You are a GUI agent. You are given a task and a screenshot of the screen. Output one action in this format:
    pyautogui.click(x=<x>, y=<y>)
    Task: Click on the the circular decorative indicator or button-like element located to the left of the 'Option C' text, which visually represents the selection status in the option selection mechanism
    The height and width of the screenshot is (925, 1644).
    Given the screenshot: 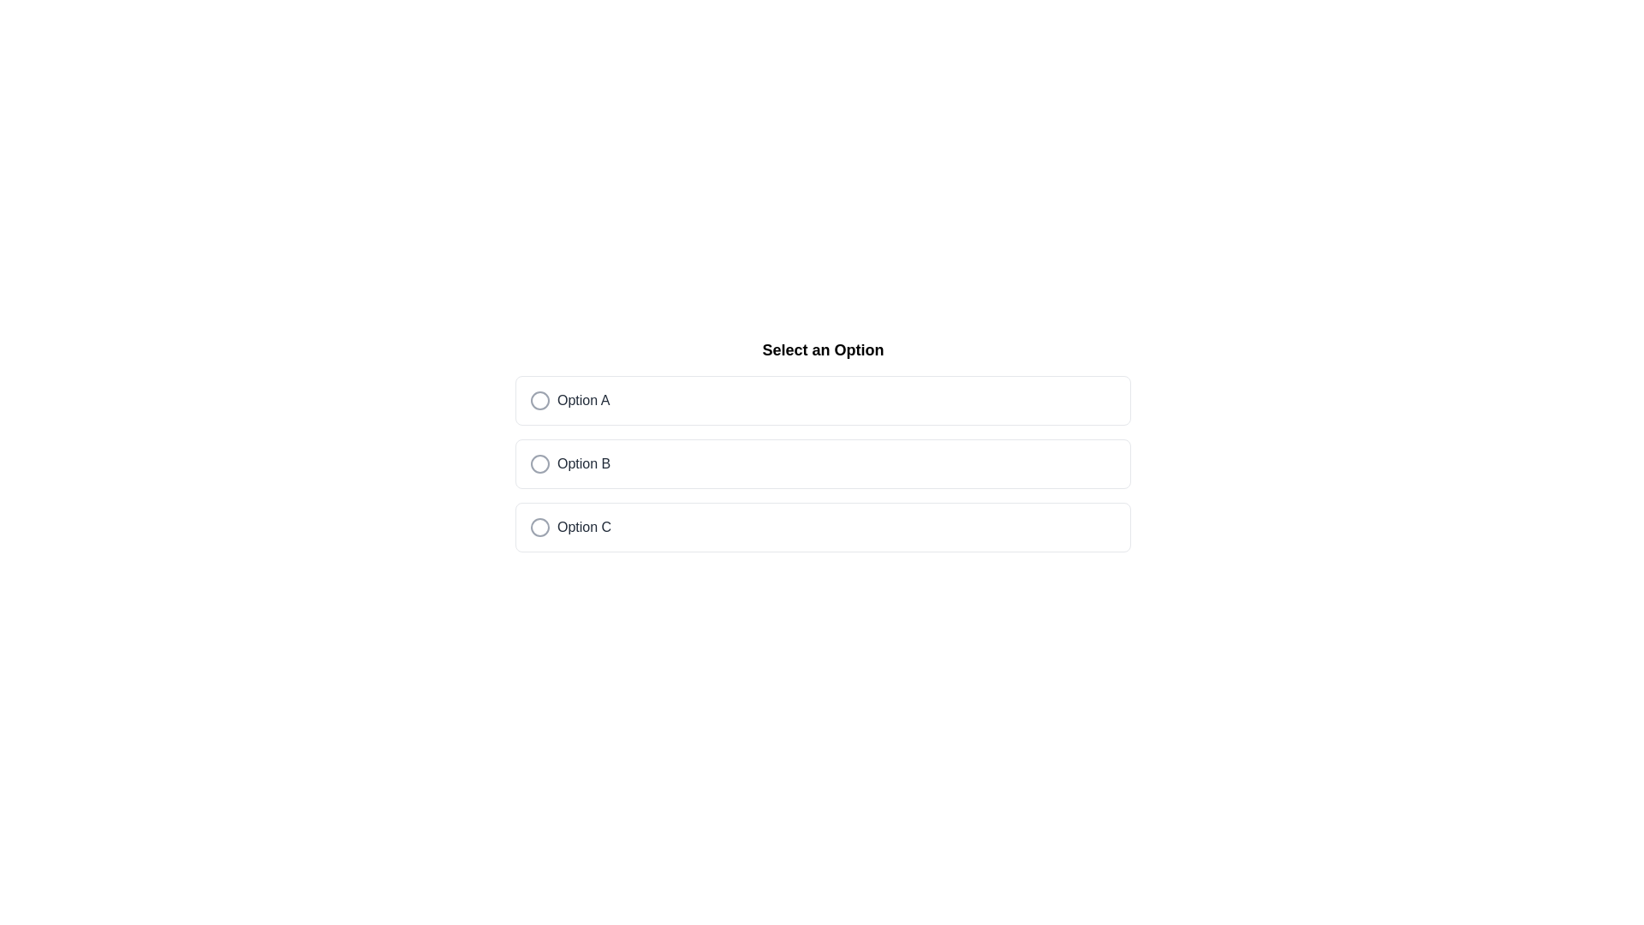 What is the action you would take?
    pyautogui.click(x=539, y=527)
    